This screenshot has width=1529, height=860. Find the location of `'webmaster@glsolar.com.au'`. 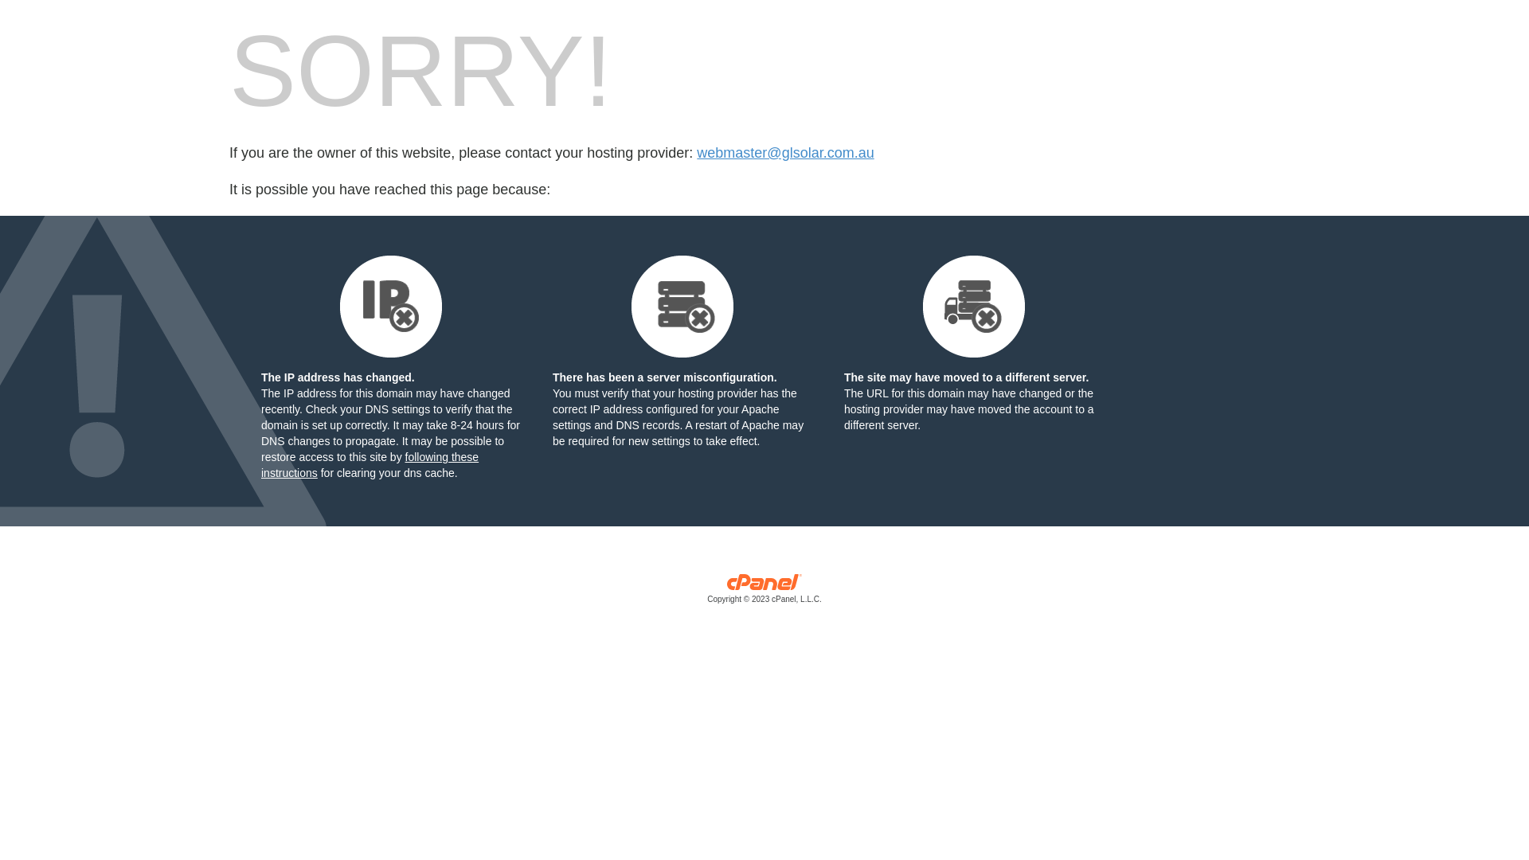

'webmaster@glsolar.com.au' is located at coordinates (784, 153).